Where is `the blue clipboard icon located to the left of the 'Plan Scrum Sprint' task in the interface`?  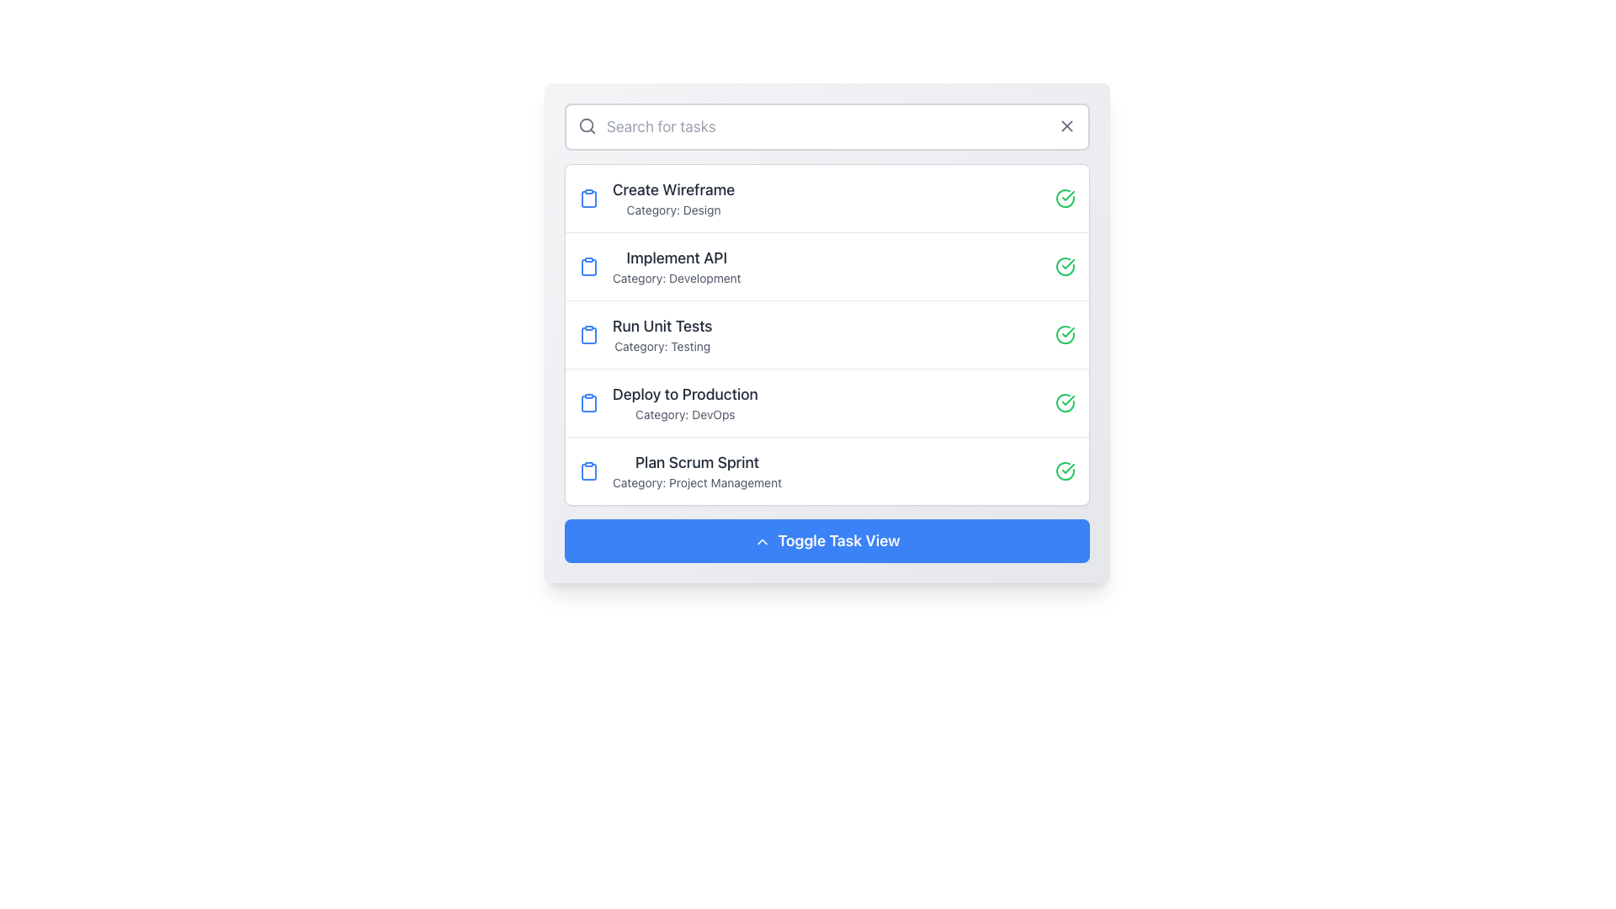 the blue clipboard icon located to the left of the 'Plan Scrum Sprint' task in the interface is located at coordinates (589, 470).